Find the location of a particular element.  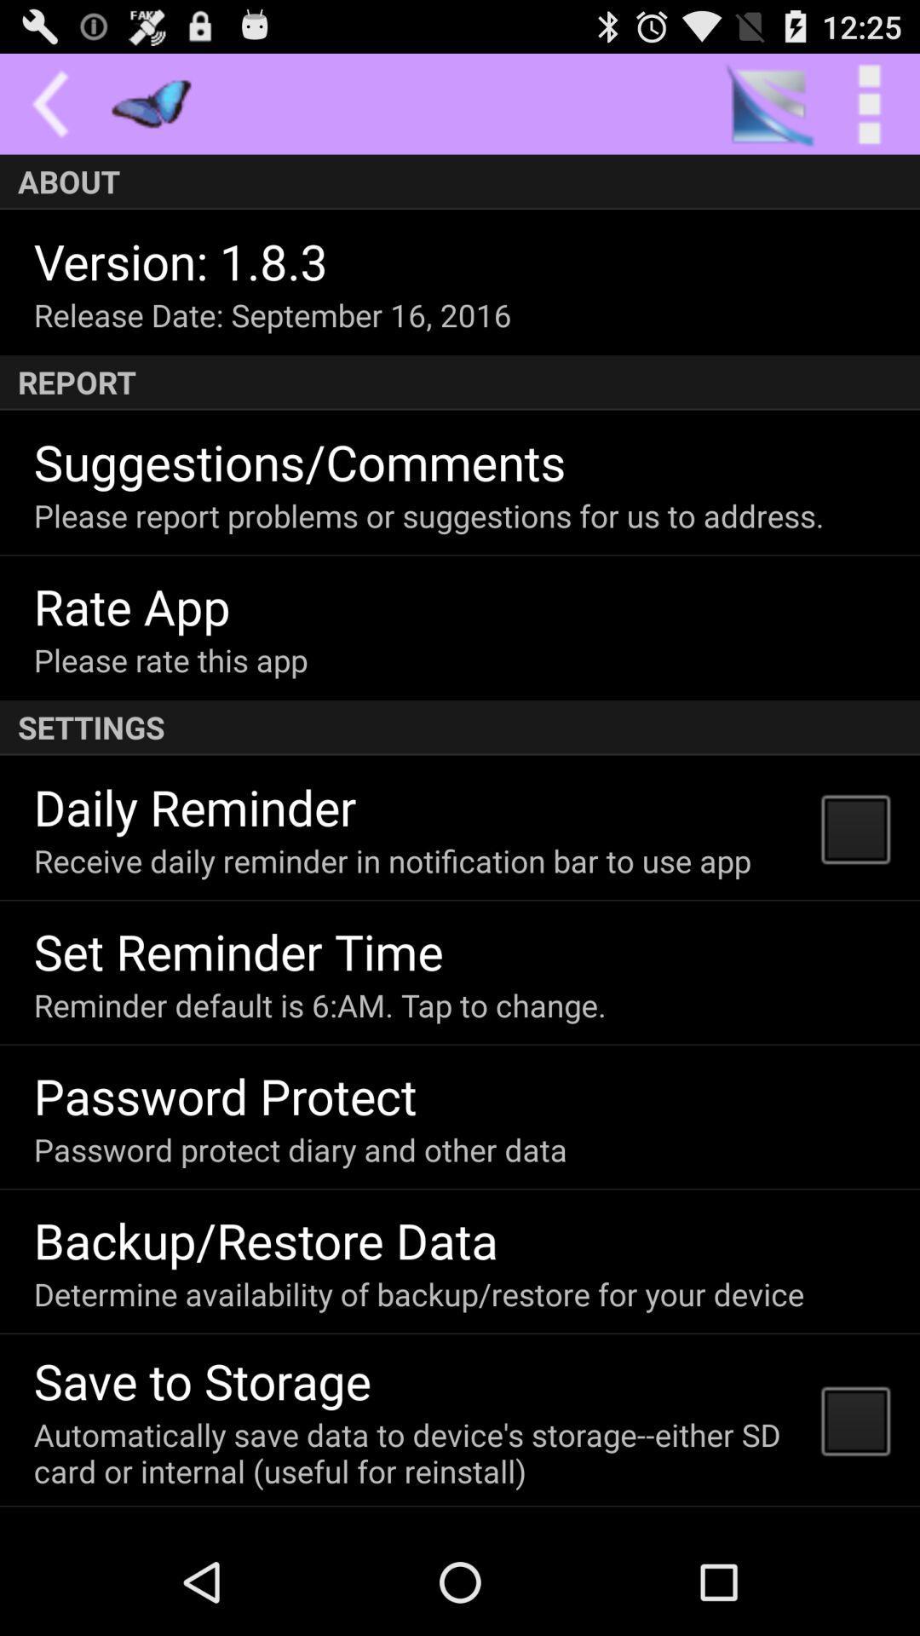

suggestions/comments is located at coordinates (299, 461).